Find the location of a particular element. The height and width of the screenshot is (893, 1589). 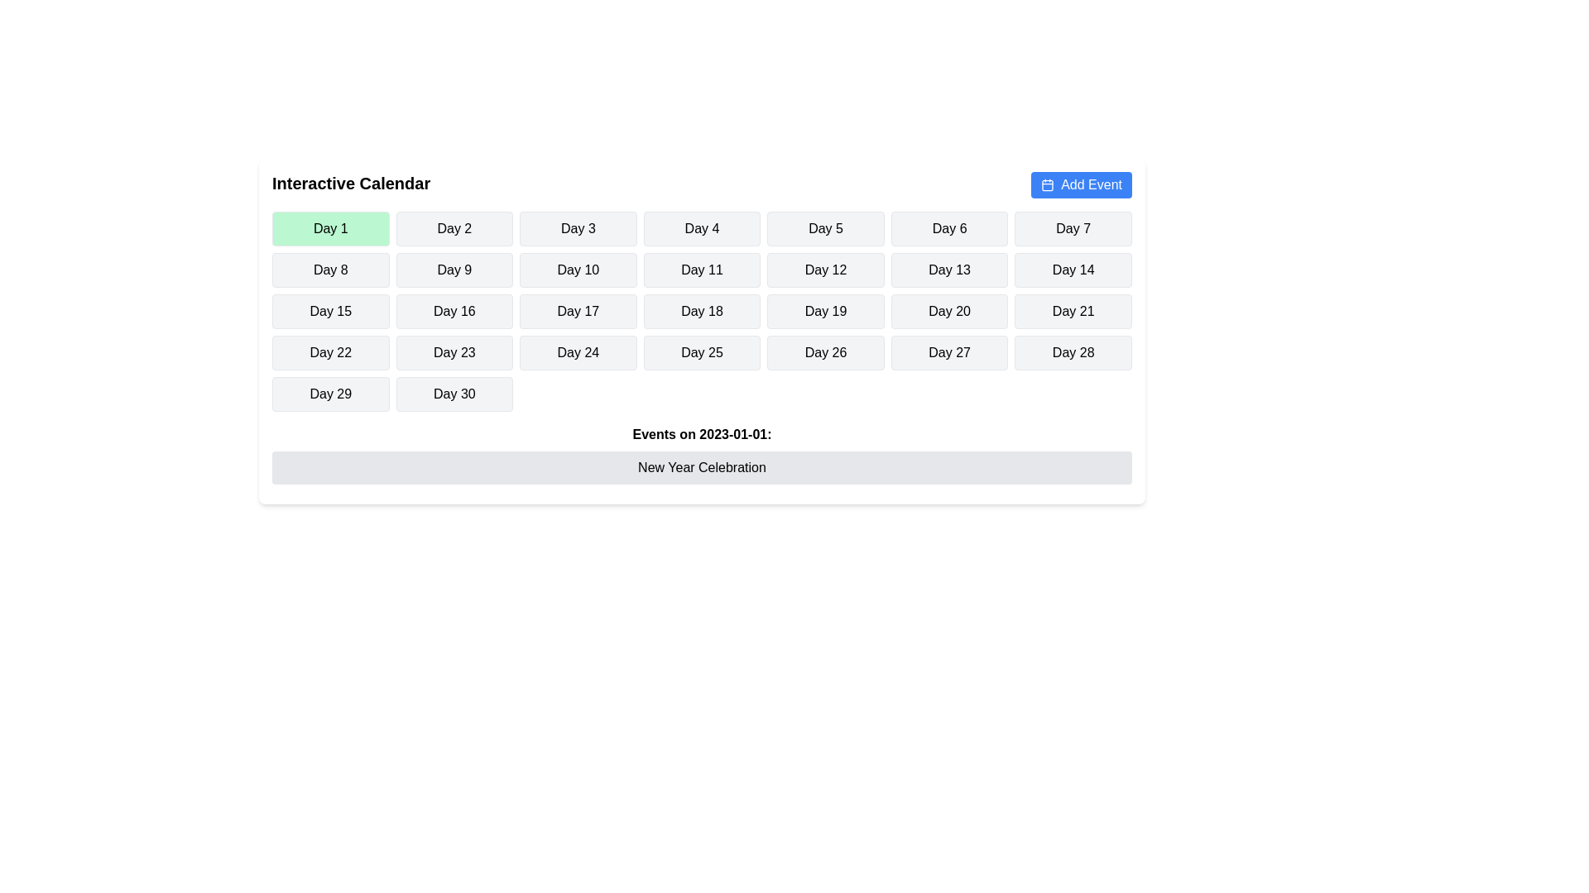

the button representing the 18th day in the calendar layout to observe hover effects is located at coordinates (702, 312).